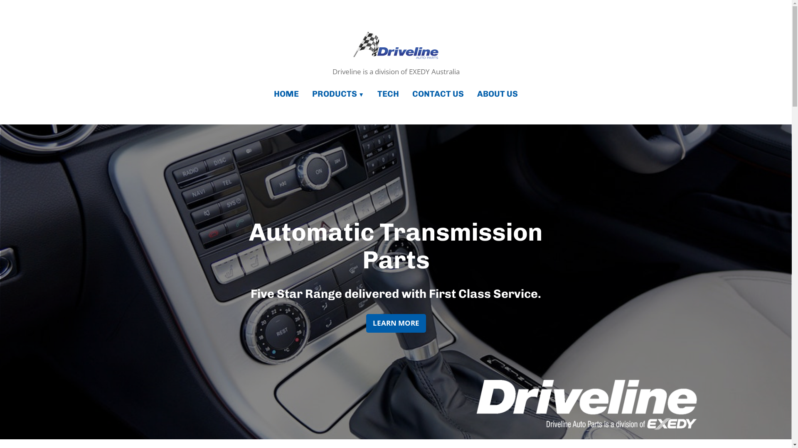 The width and height of the screenshot is (798, 448). What do you see at coordinates (289, 94) in the screenshot?
I see `'HOME'` at bounding box center [289, 94].